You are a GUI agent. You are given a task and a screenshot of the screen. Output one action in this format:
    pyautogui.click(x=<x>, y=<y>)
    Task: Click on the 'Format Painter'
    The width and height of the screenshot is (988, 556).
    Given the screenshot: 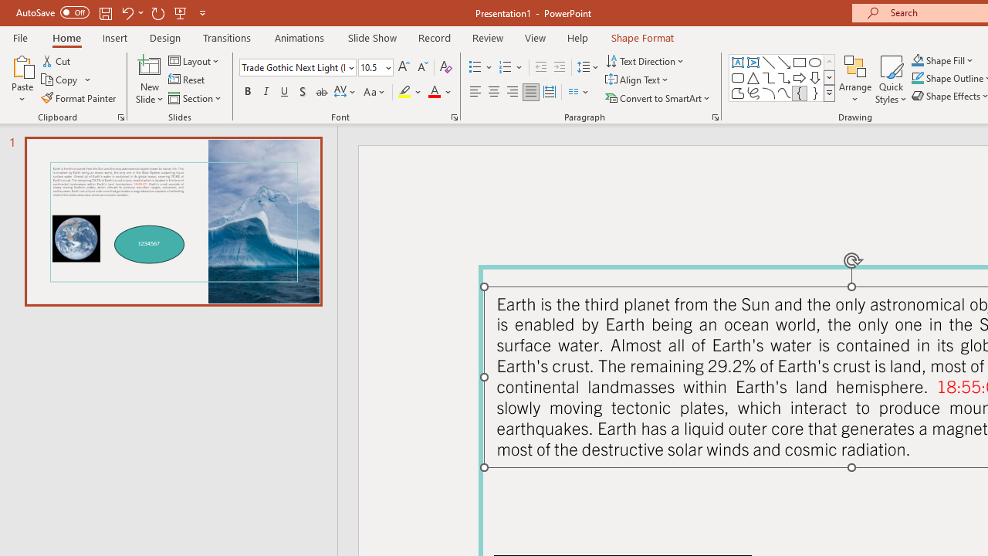 What is the action you would take?
    pyautogui.click(x=79, y=98)
    